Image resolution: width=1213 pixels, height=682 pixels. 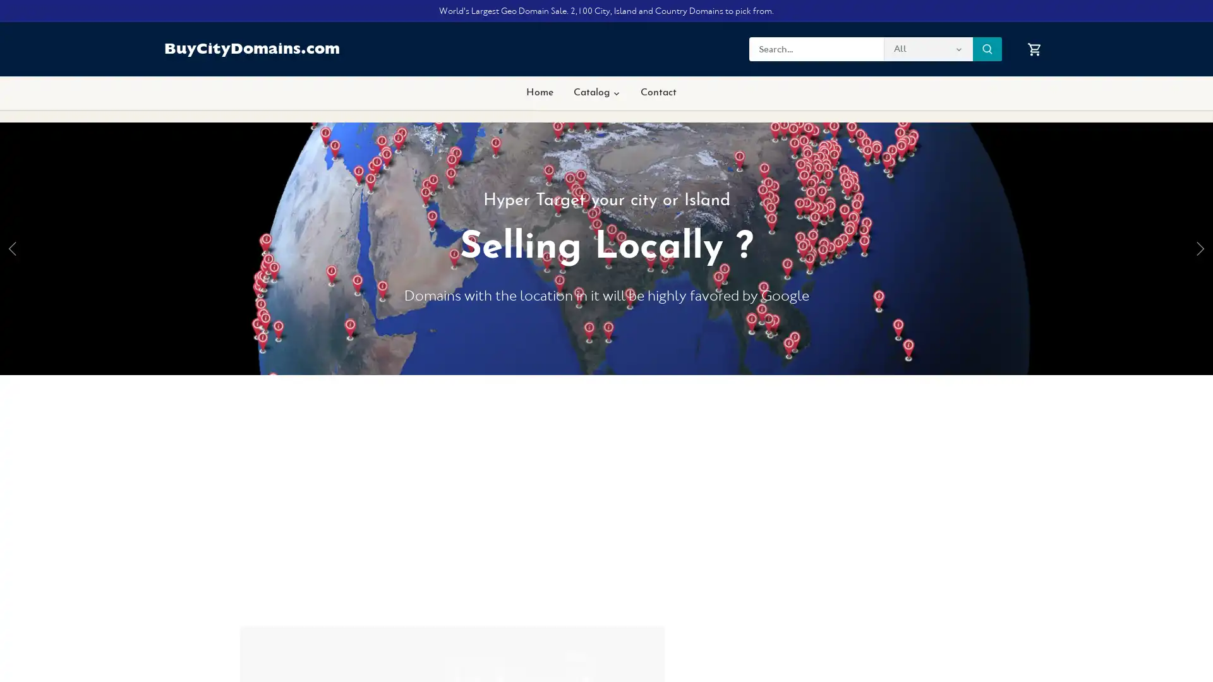 I want to click on Submit, so click(x=987, y=48).